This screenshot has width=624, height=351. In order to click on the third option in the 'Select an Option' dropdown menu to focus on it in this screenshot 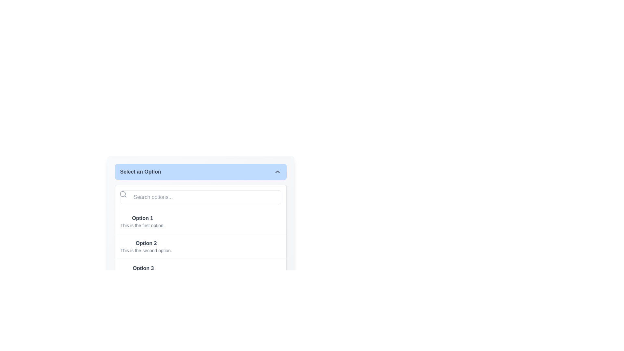, I will do `click(143, 272)`.